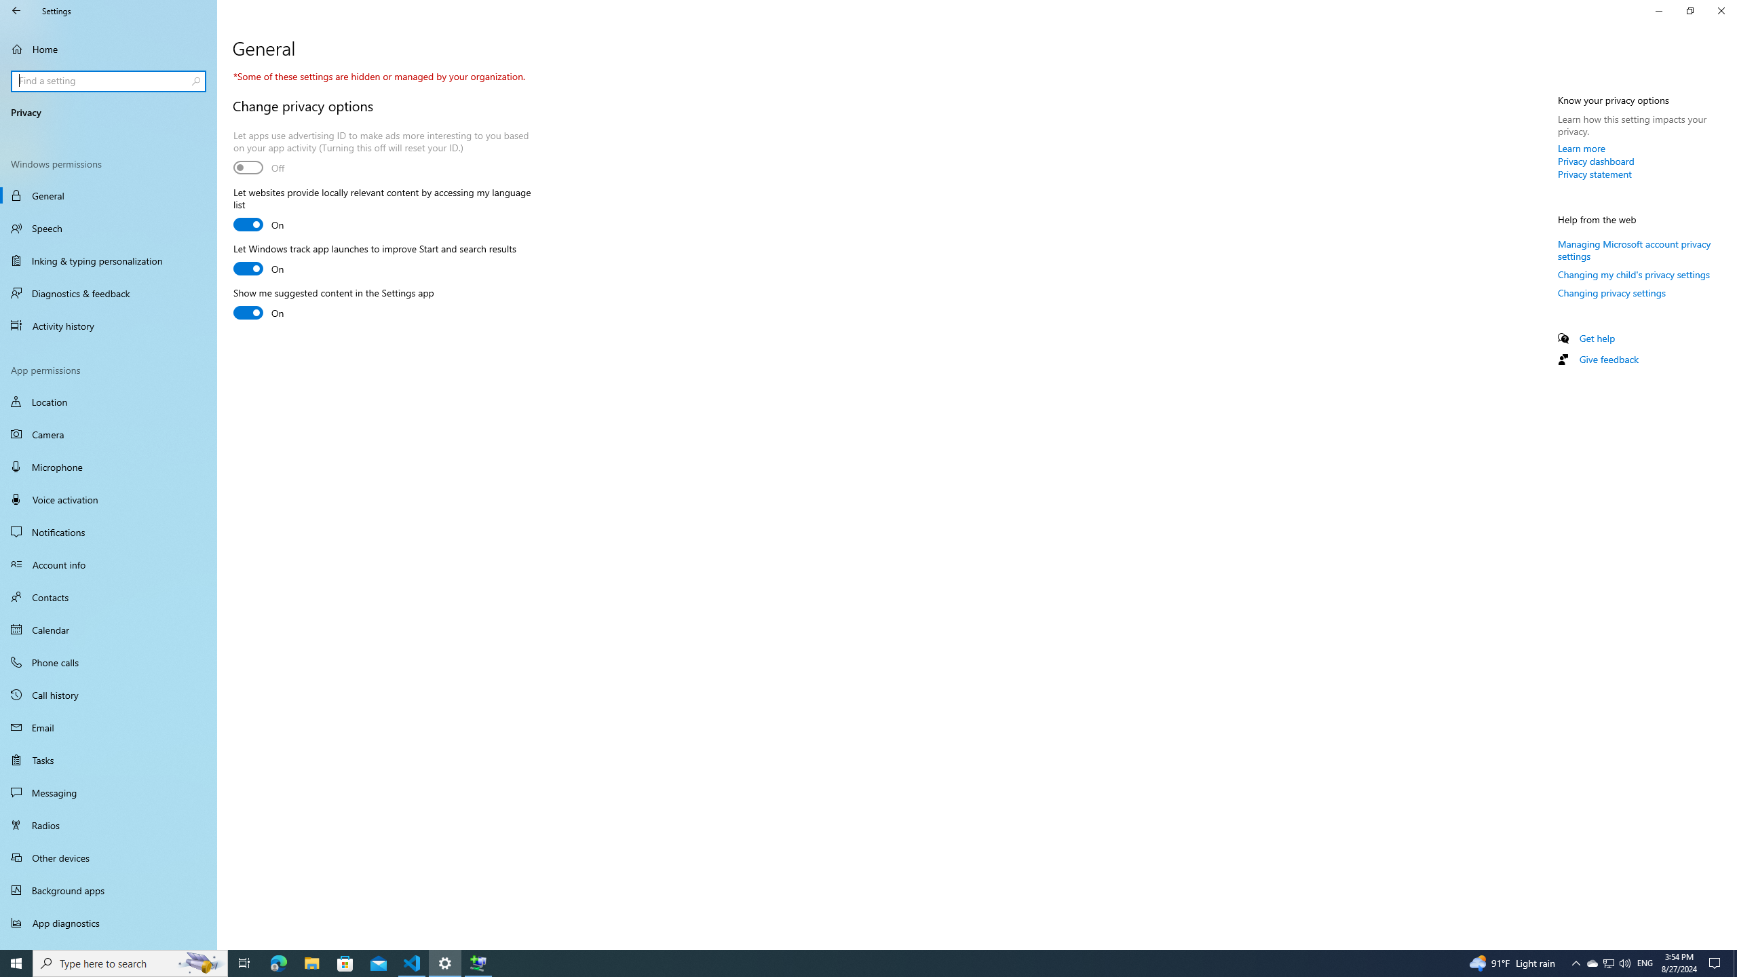 This screenshot has width=1737, height=977. I want to click on 'Inking & typing personalization', so click(108, 259).